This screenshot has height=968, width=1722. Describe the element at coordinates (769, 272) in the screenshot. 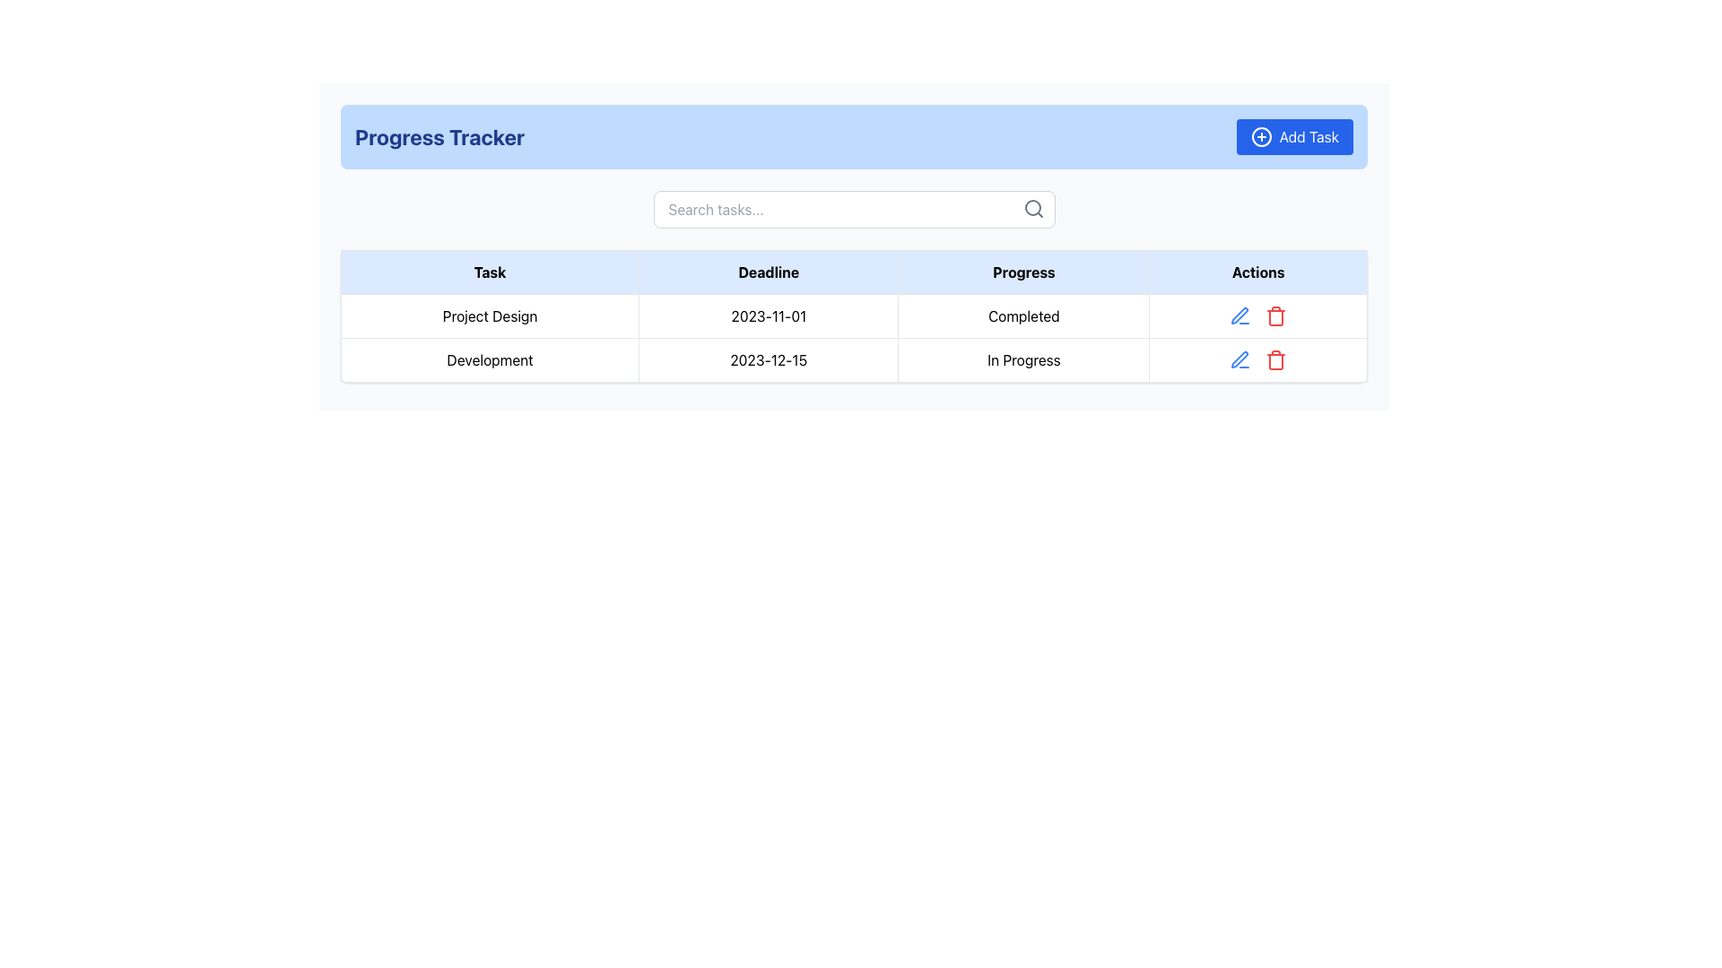

I see `the 'Deadline' header in the table to sort the column, which is the second header positioned between 'Task' and 'Progress' under the 'Progress Tracker' title` at that location.